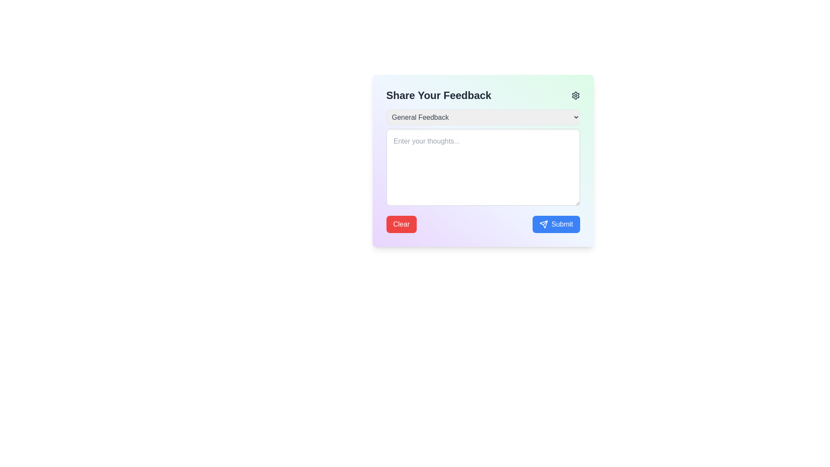 Image resolution: width=830 pixels, height=467 pixels. What do you see at coordinates (482, 117) in the screenshot?
I see `the Dropdown menu located below the title 'Share Your Feedback'` at bounding box center [482, 117].